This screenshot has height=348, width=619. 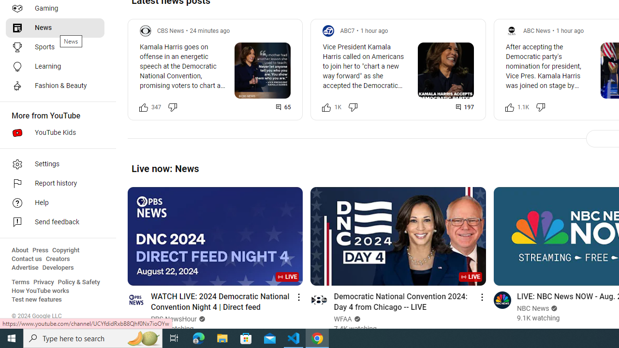 I want to click on '24 minutes ago', so click(x=209, y=30).